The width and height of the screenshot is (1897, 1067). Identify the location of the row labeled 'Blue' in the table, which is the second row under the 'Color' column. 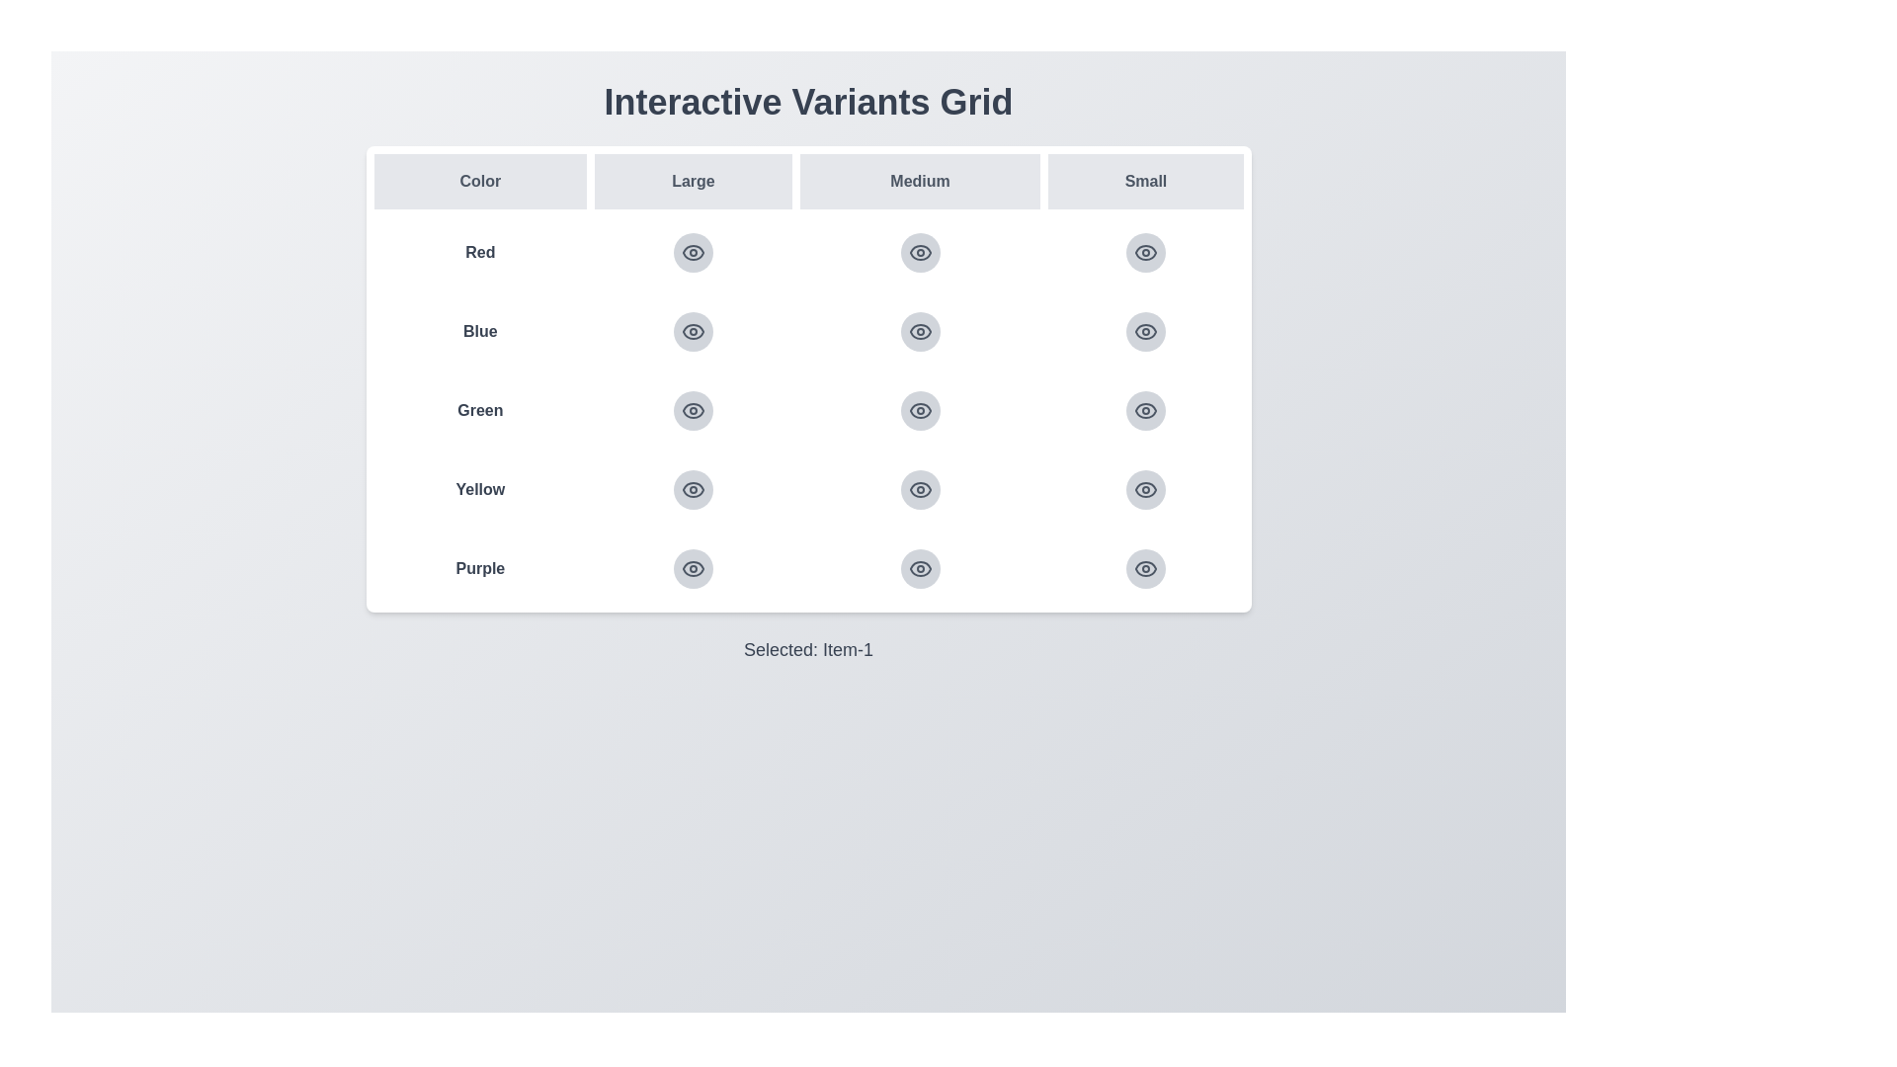
(808, 330).